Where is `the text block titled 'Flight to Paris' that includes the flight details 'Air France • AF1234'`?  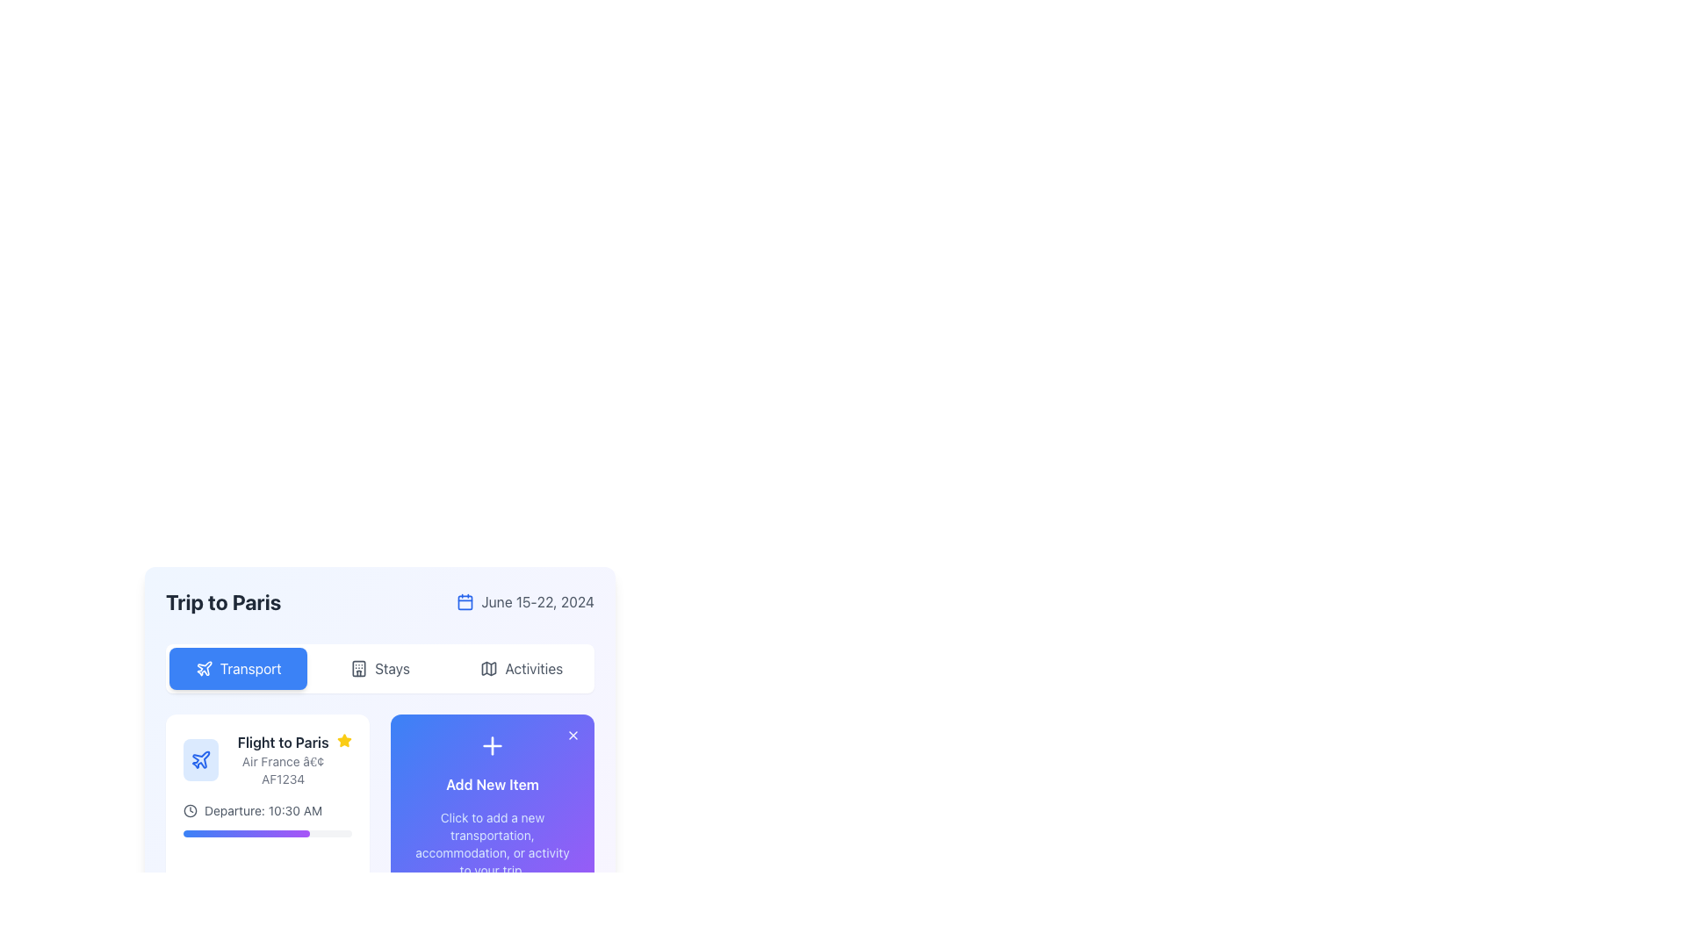
the text block titled 'Flight to Paris' that includes the flight details 'Air France • AF1234' is located at coordinates (259, 759).